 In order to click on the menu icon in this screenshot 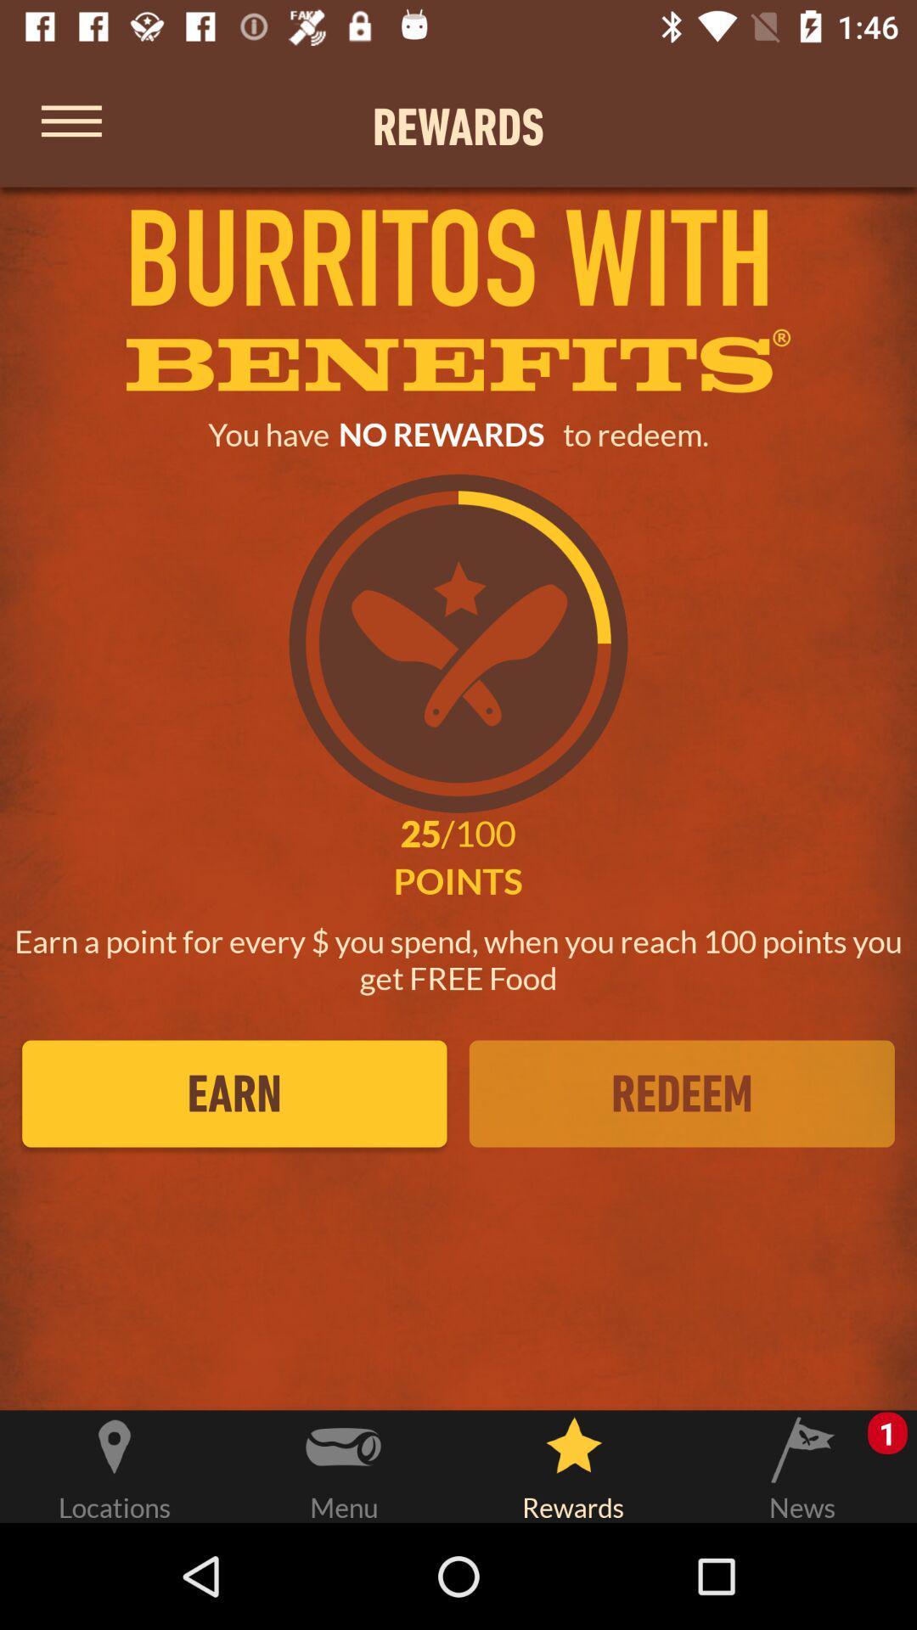, I will do `click(70, 126)`.